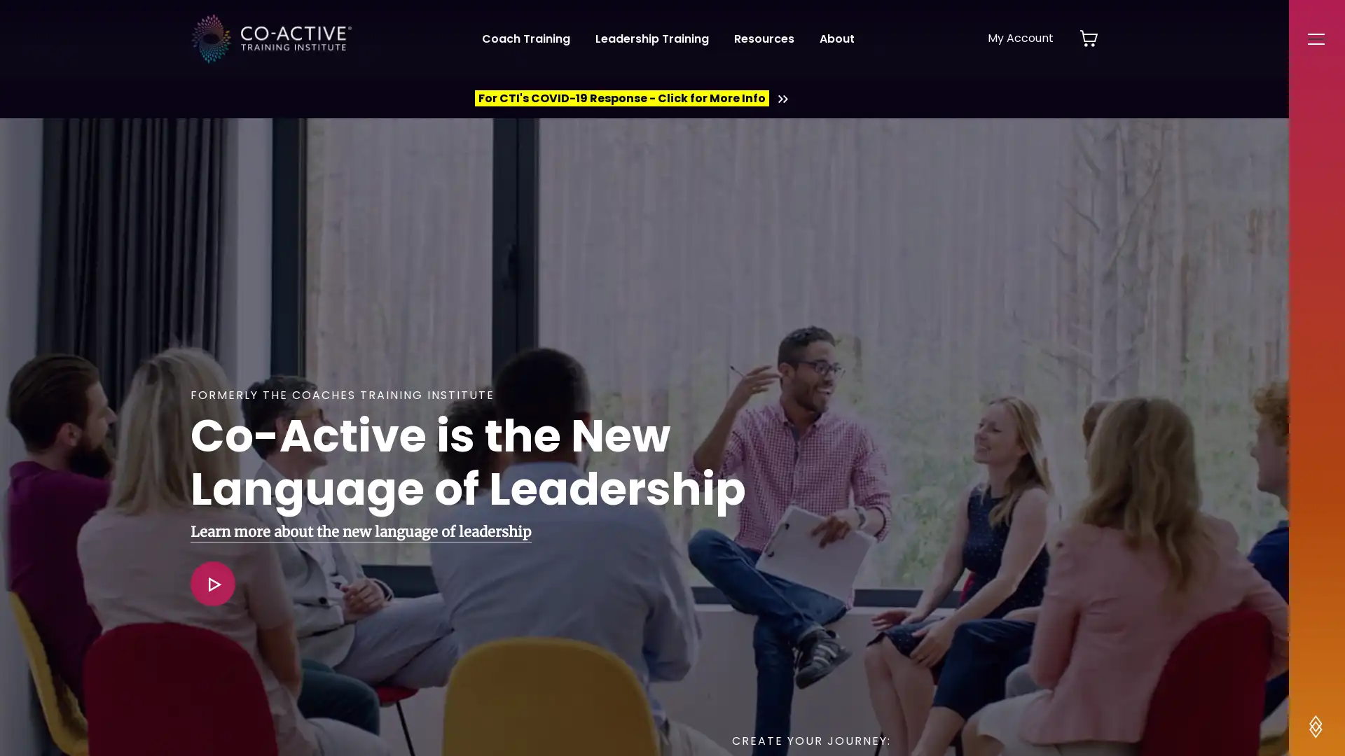 The image size is (1345, 756). I want to click on View Video, so click(212, 583).